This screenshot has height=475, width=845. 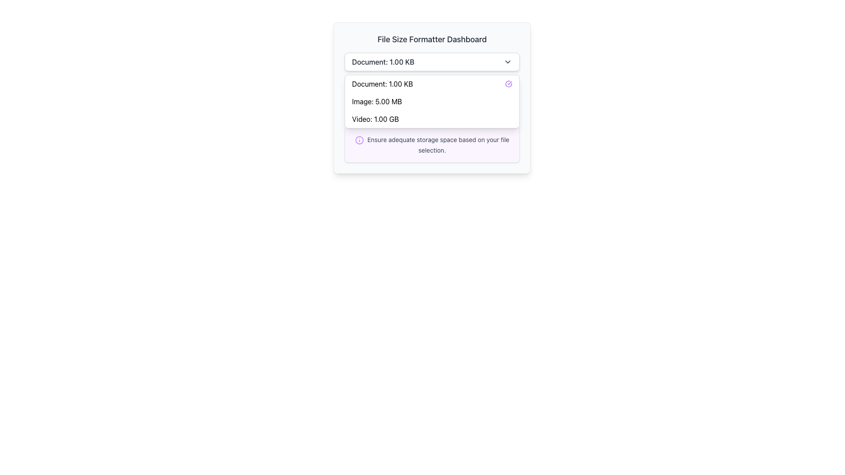 I want to click on the circular icon with a purple border located before the text 'Ensure adequate storage space based on your file selection' in the 'File Size Formatter Dashboard', so click(x=359, y=139).